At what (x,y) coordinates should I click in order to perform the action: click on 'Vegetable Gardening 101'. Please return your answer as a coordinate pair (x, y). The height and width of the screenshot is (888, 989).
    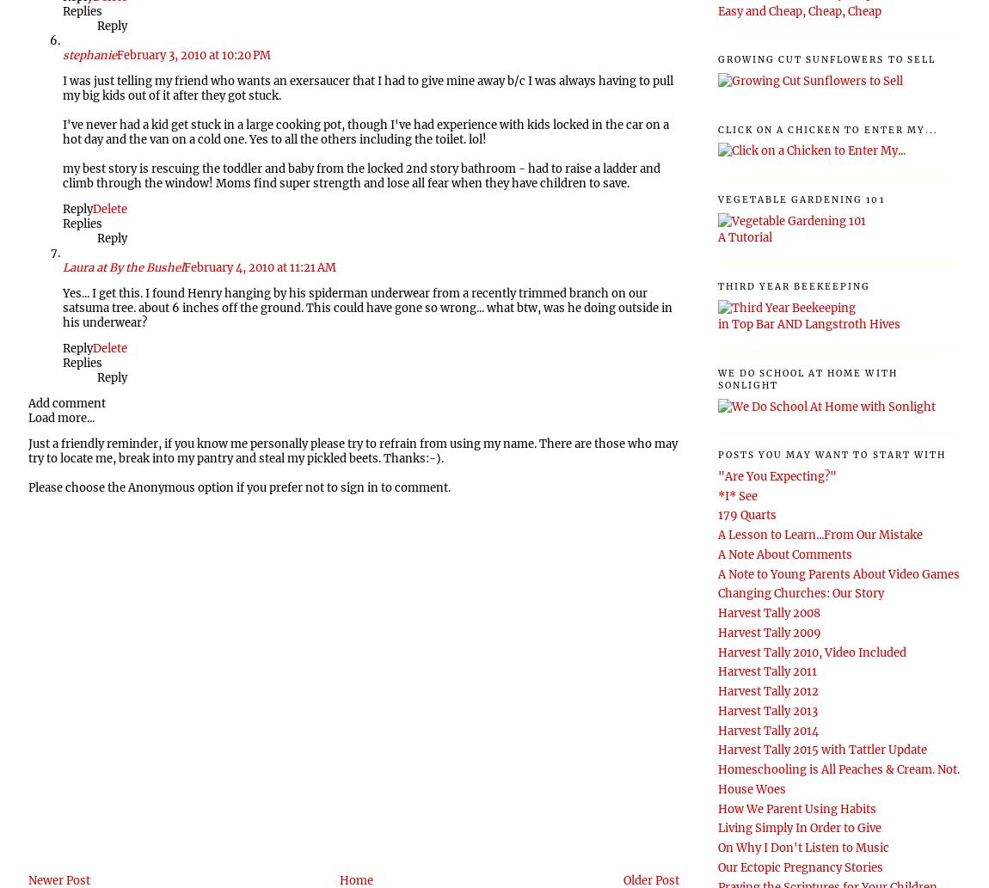
    Looking at the image, I should click on (801, 198).